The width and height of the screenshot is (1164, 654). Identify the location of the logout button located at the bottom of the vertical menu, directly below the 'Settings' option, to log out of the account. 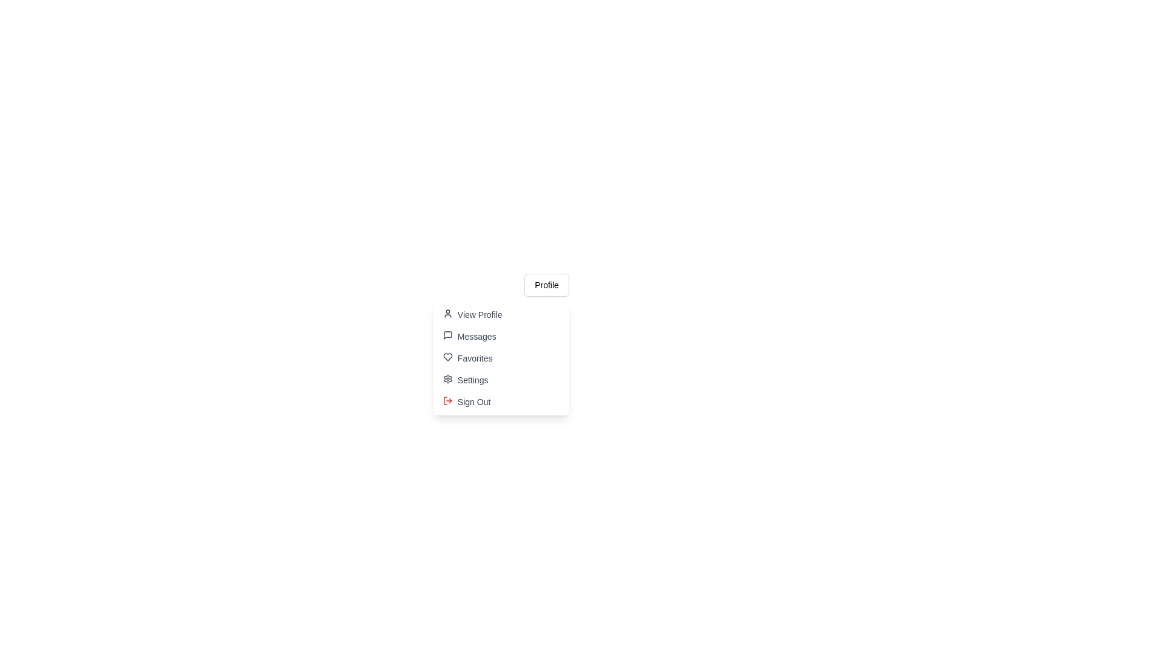
(501, 401).